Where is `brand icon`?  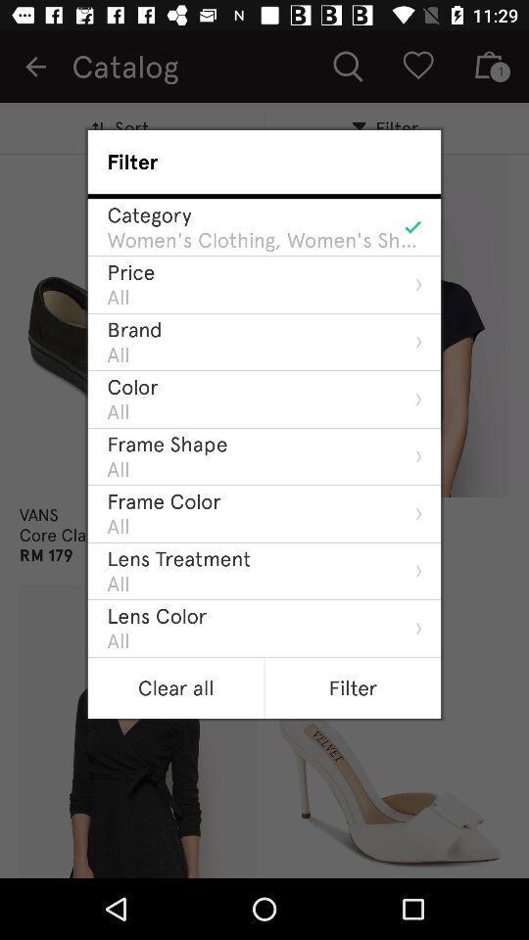 brand icon is located at coordinates (133, 329).